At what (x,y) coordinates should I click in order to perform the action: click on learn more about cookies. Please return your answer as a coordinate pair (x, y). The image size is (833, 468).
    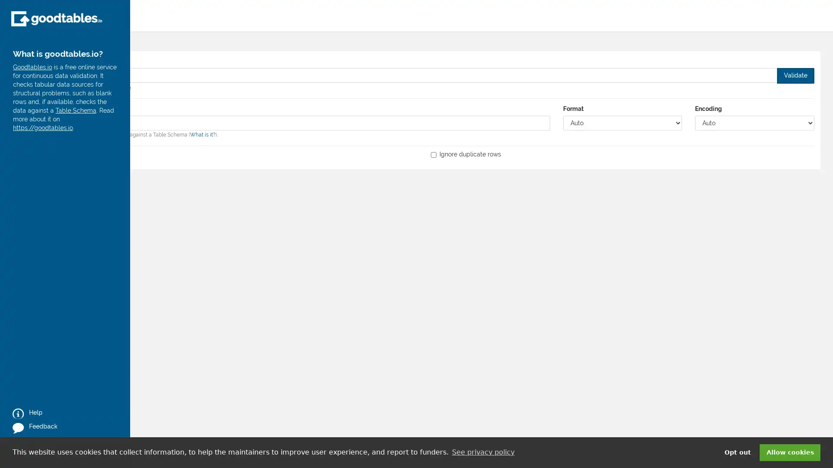
    Looking at the image, I should click on (482, 452).